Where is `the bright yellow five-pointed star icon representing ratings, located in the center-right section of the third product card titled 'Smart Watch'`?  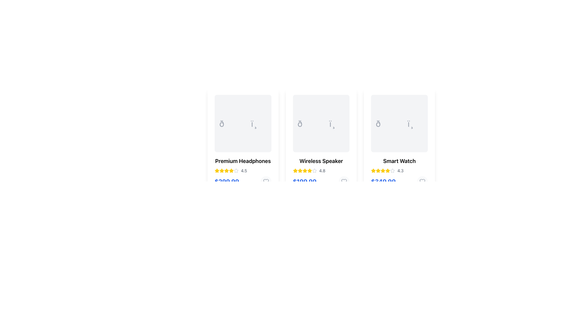
the bright yellow five-pointed star icon representing ratings, located in the center-right section of the third product card titled 'Smart Watch' is located at coordinates (388, 170).